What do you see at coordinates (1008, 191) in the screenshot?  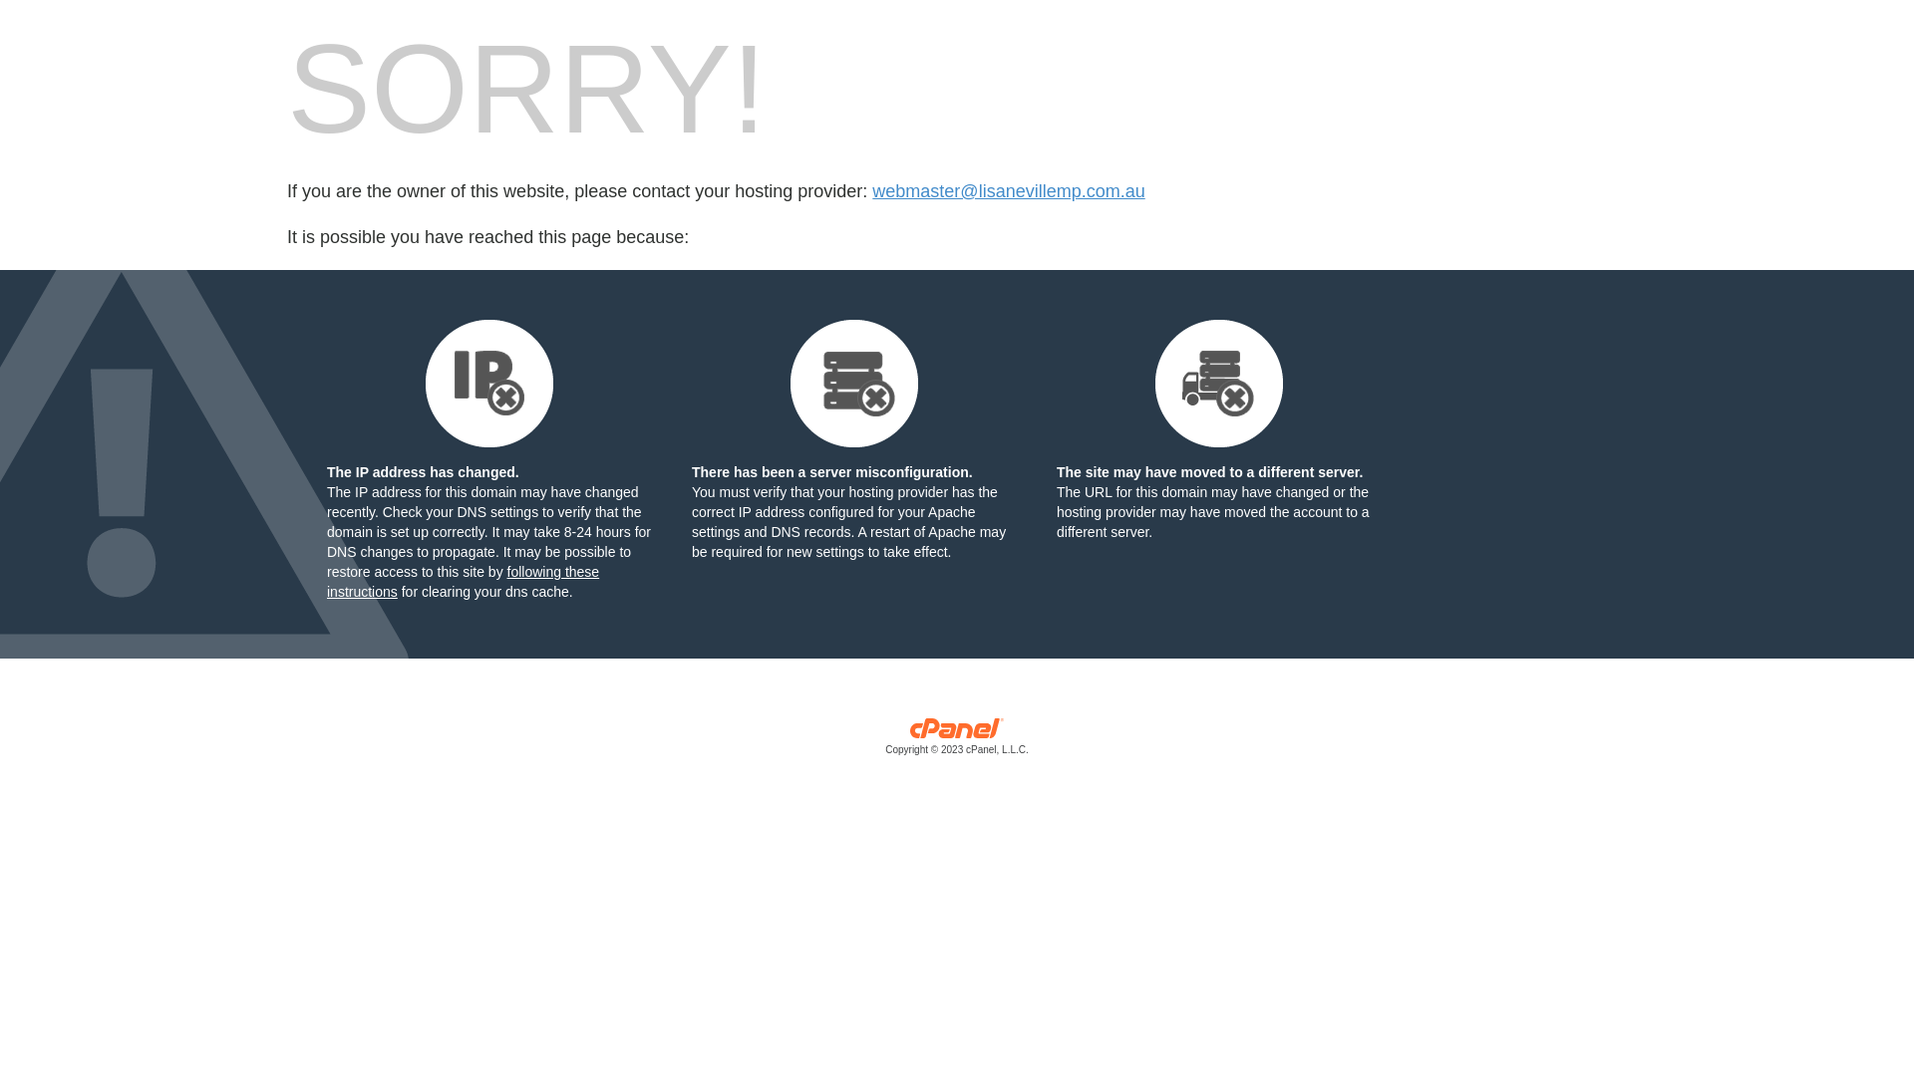 I see `'webmaster@lisanevillemp.com.au'` at bounding box center [1008, 191].